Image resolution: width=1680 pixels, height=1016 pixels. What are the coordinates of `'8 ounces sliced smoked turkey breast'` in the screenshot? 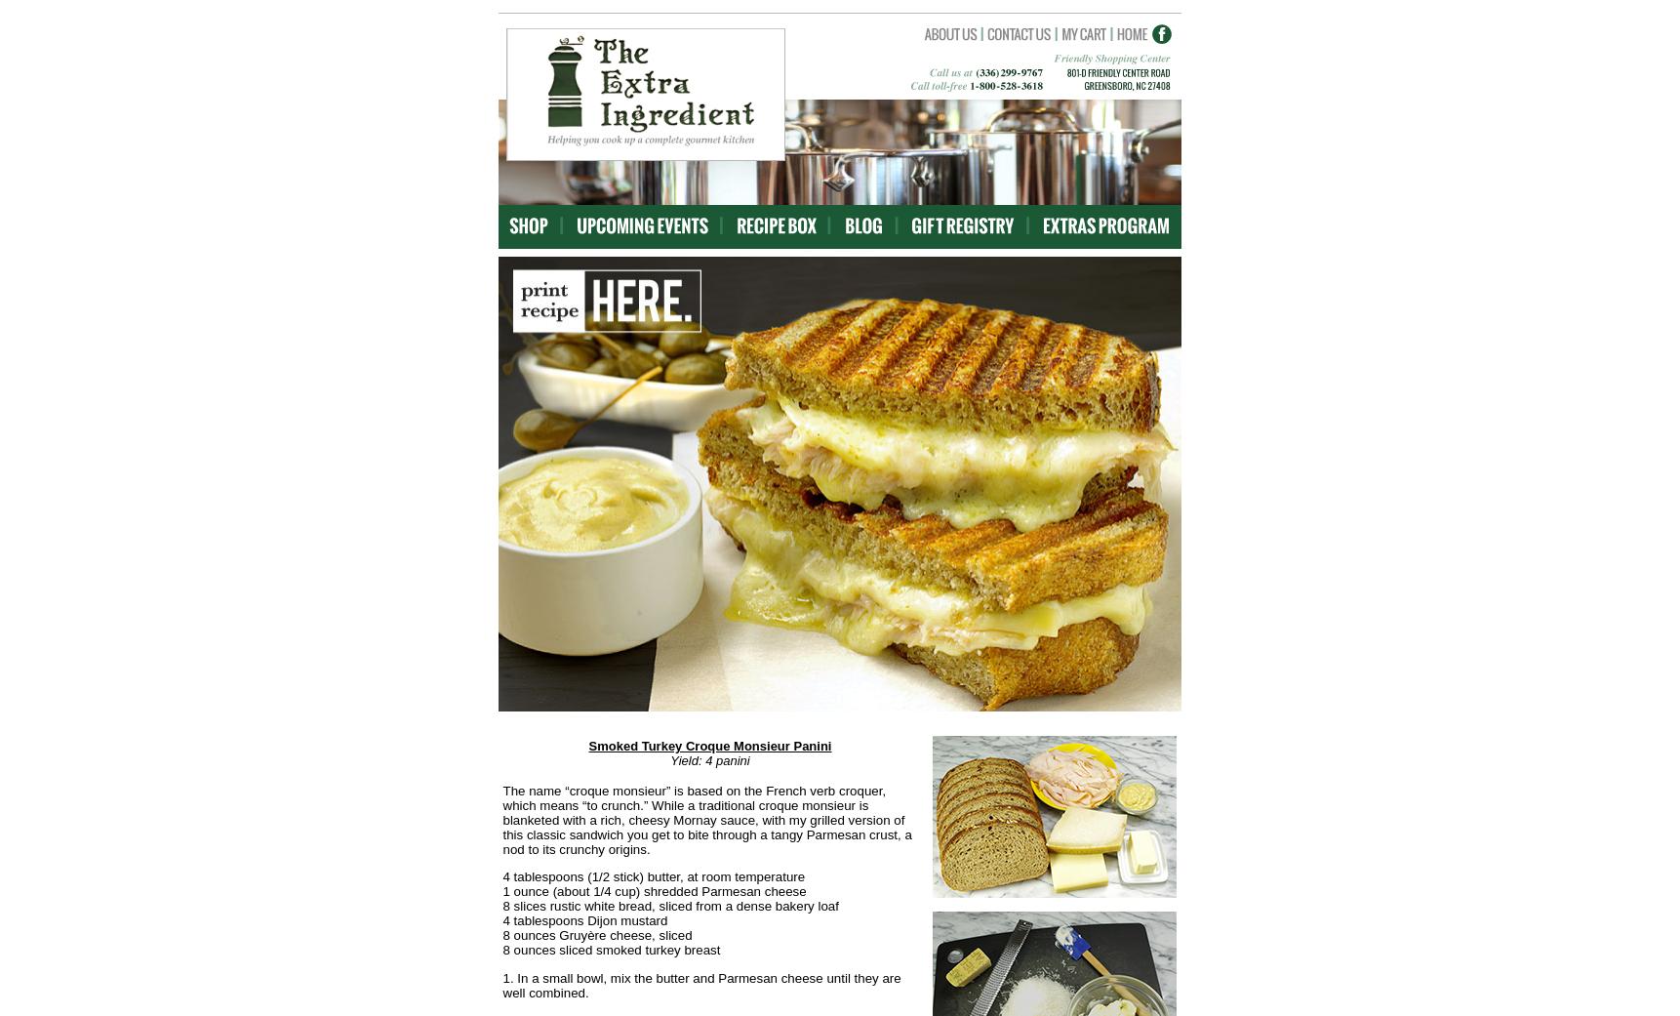 It's located at (502, 950).